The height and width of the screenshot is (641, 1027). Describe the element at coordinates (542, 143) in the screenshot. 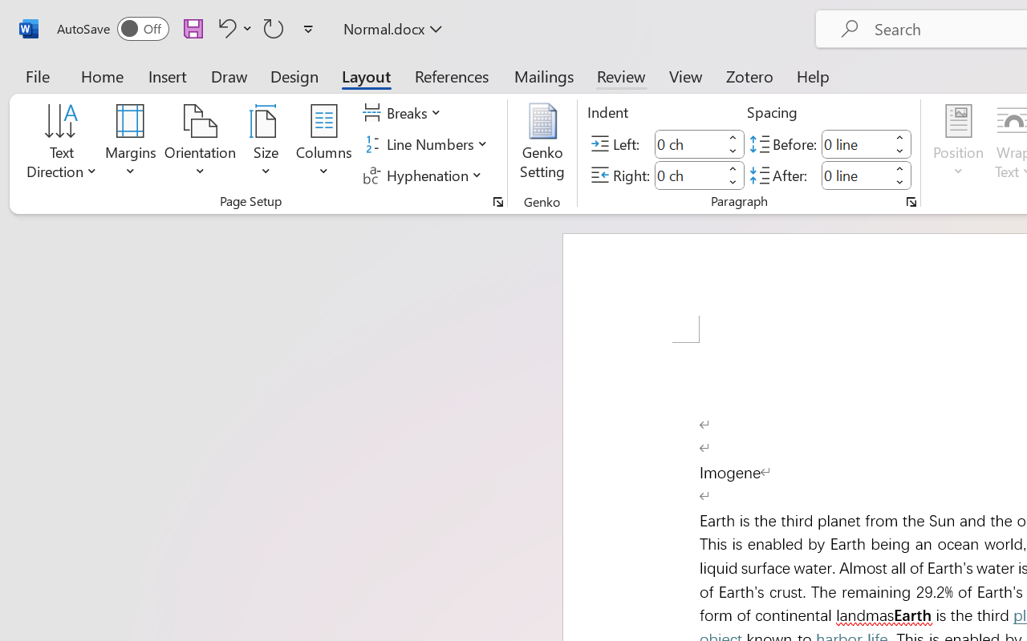

I see `'Genko Setting...'` at that location.